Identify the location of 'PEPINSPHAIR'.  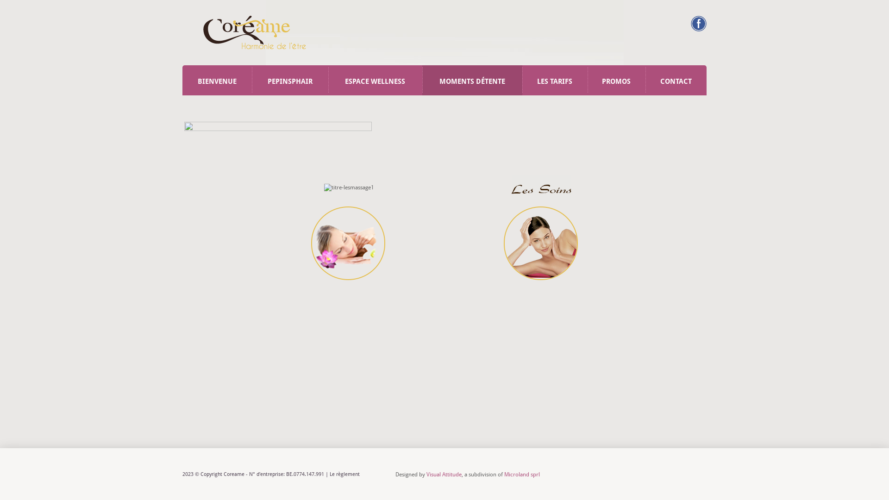
(289, 80).